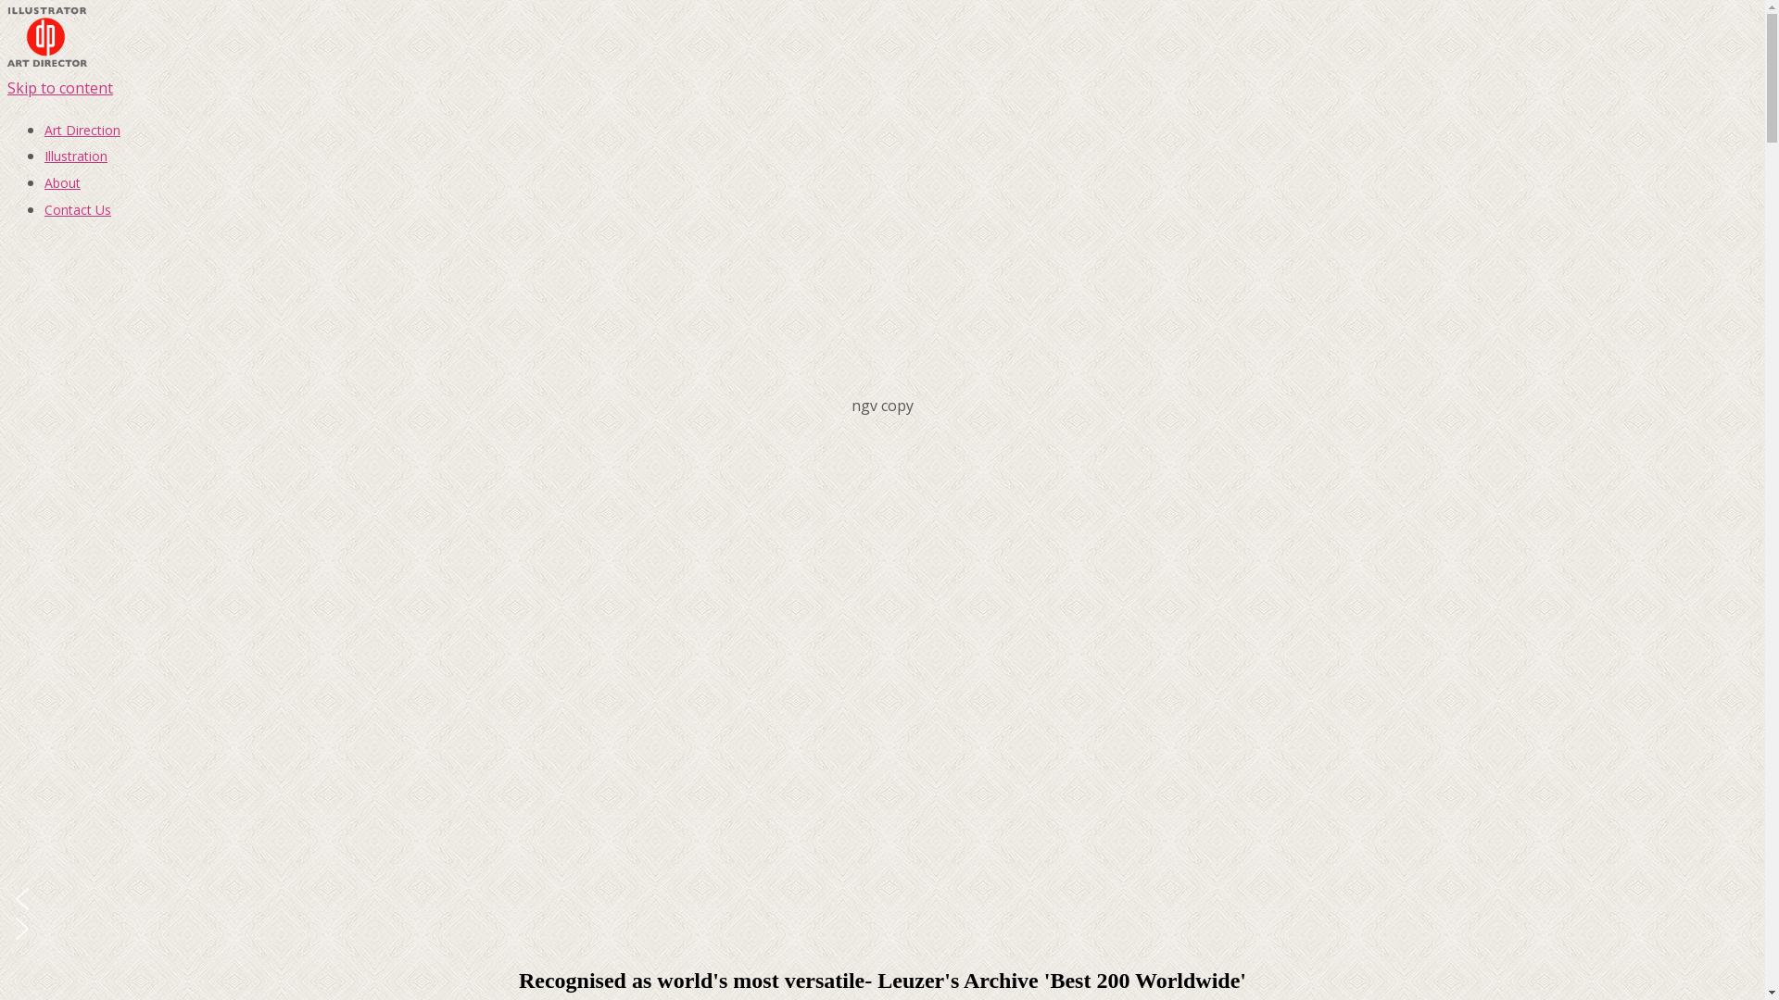  What do you see at coordinates (47, 59) in the screenshot?
I see `' '` at bounding box center [47, 59].